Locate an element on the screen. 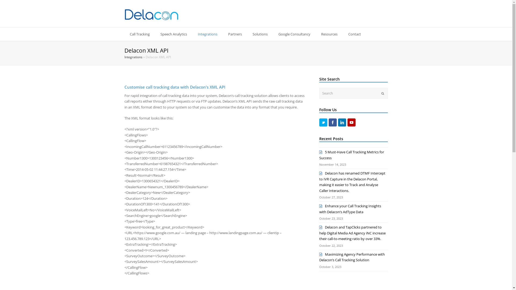  'Delacon Australia' is located at coordinates (124, 14).